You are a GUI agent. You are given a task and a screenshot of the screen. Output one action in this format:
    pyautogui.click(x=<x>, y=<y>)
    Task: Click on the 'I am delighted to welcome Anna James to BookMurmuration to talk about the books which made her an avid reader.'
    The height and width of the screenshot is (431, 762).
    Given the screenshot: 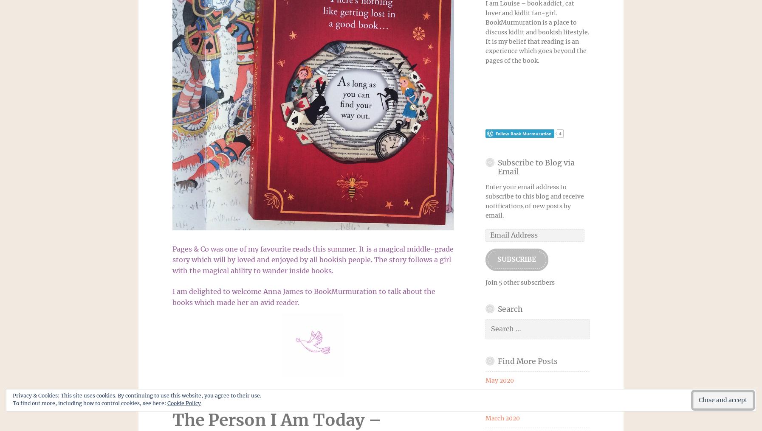 What is the action you would take?
    pyautogui.click(x=304, y=296)
    